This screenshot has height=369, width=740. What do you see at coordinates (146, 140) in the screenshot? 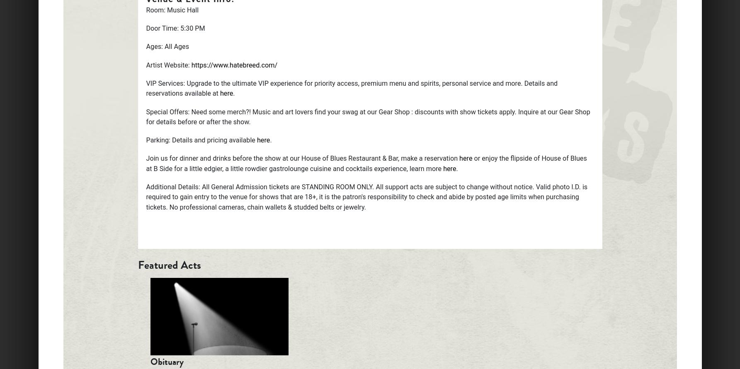
I see `'Parking: Details and pricing available'` at bounding box center [146, 140].